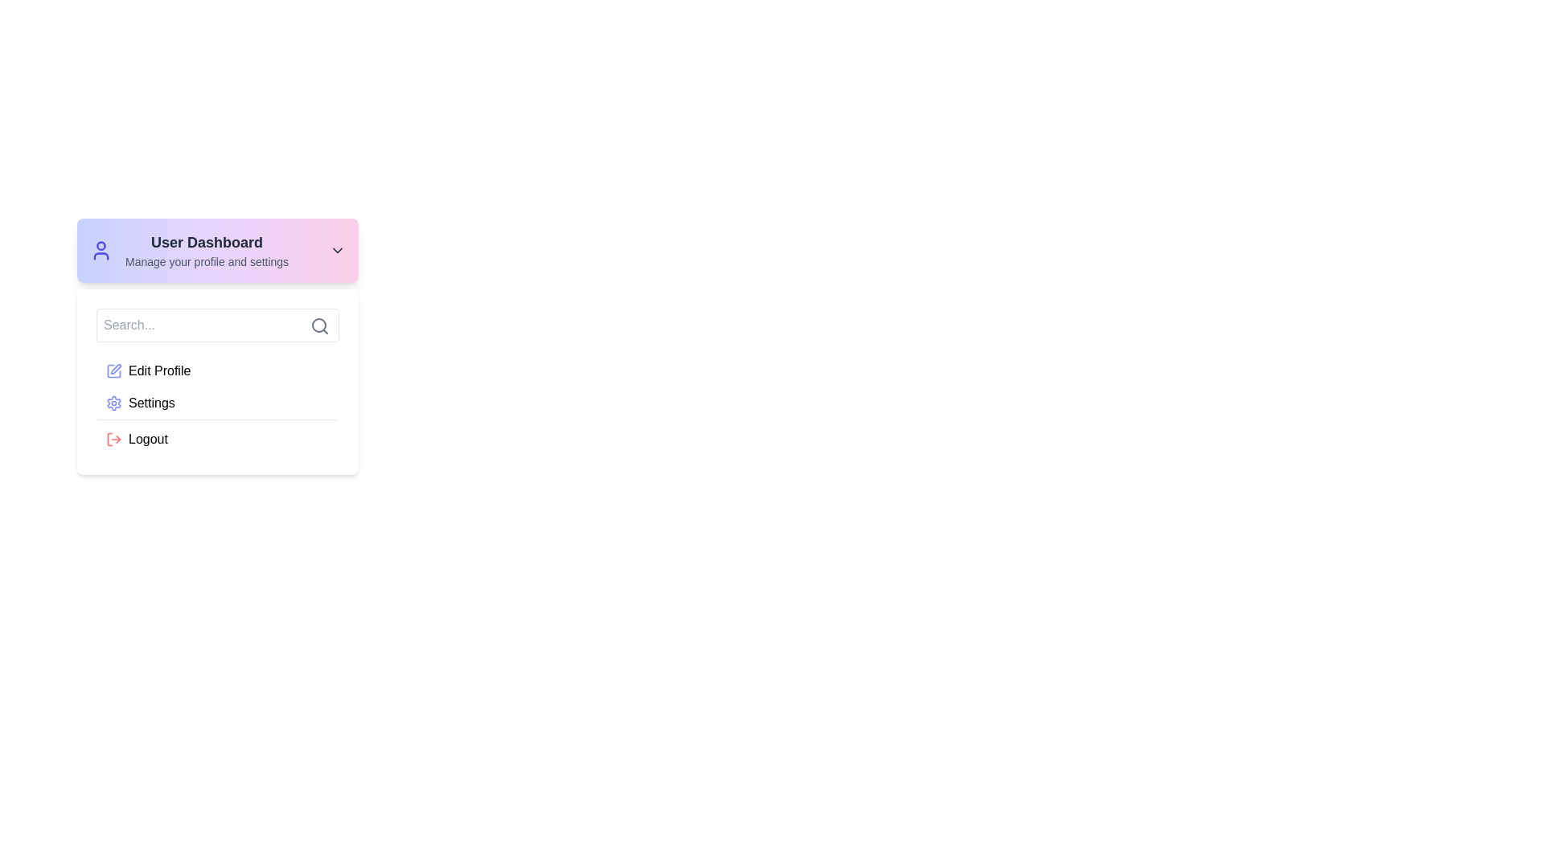 This screenshot has height=868, width=1544. What do you see at coordinates (216, 436) in the screenshot?
I see `the log-out button located at the bottom of the vertical list of options under the 'User Dashboard' section, which is the third option below 'Edit Profile' and 'Settings.'` at bounding box center [216, 436].